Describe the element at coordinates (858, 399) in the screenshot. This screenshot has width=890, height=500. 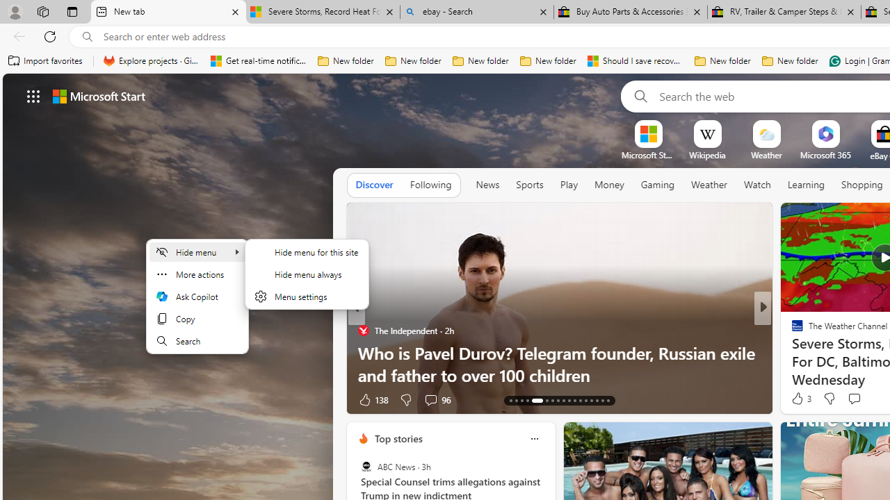
I see `'View comments 1 Comment'` at that location.